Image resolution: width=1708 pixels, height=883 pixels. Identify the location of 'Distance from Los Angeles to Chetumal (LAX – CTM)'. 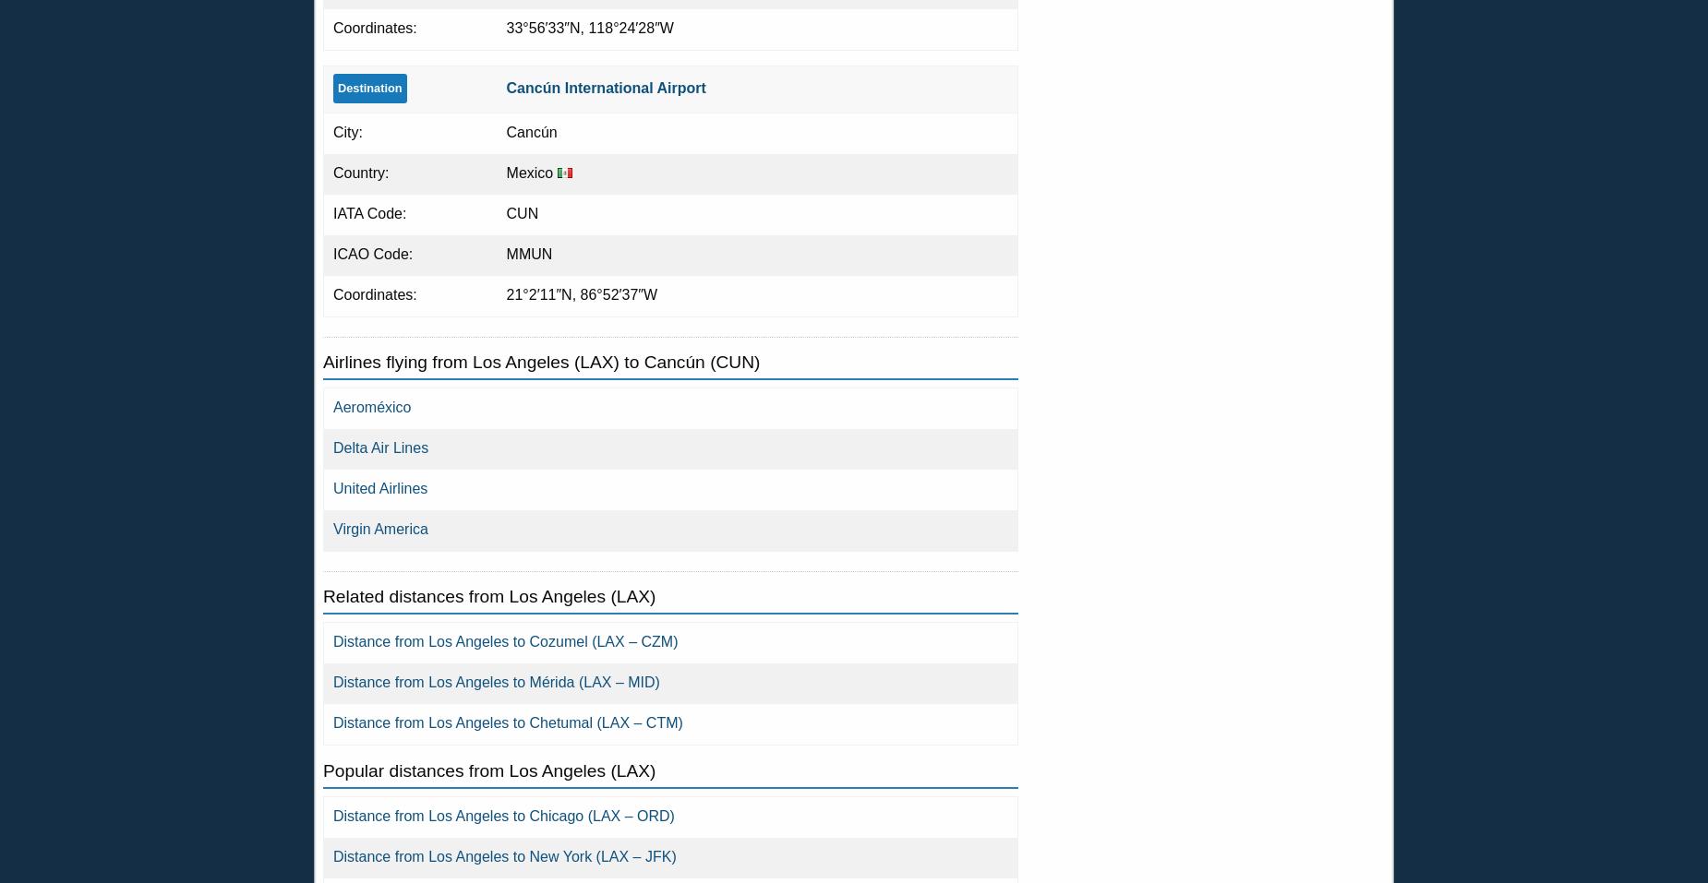
(508, 722).